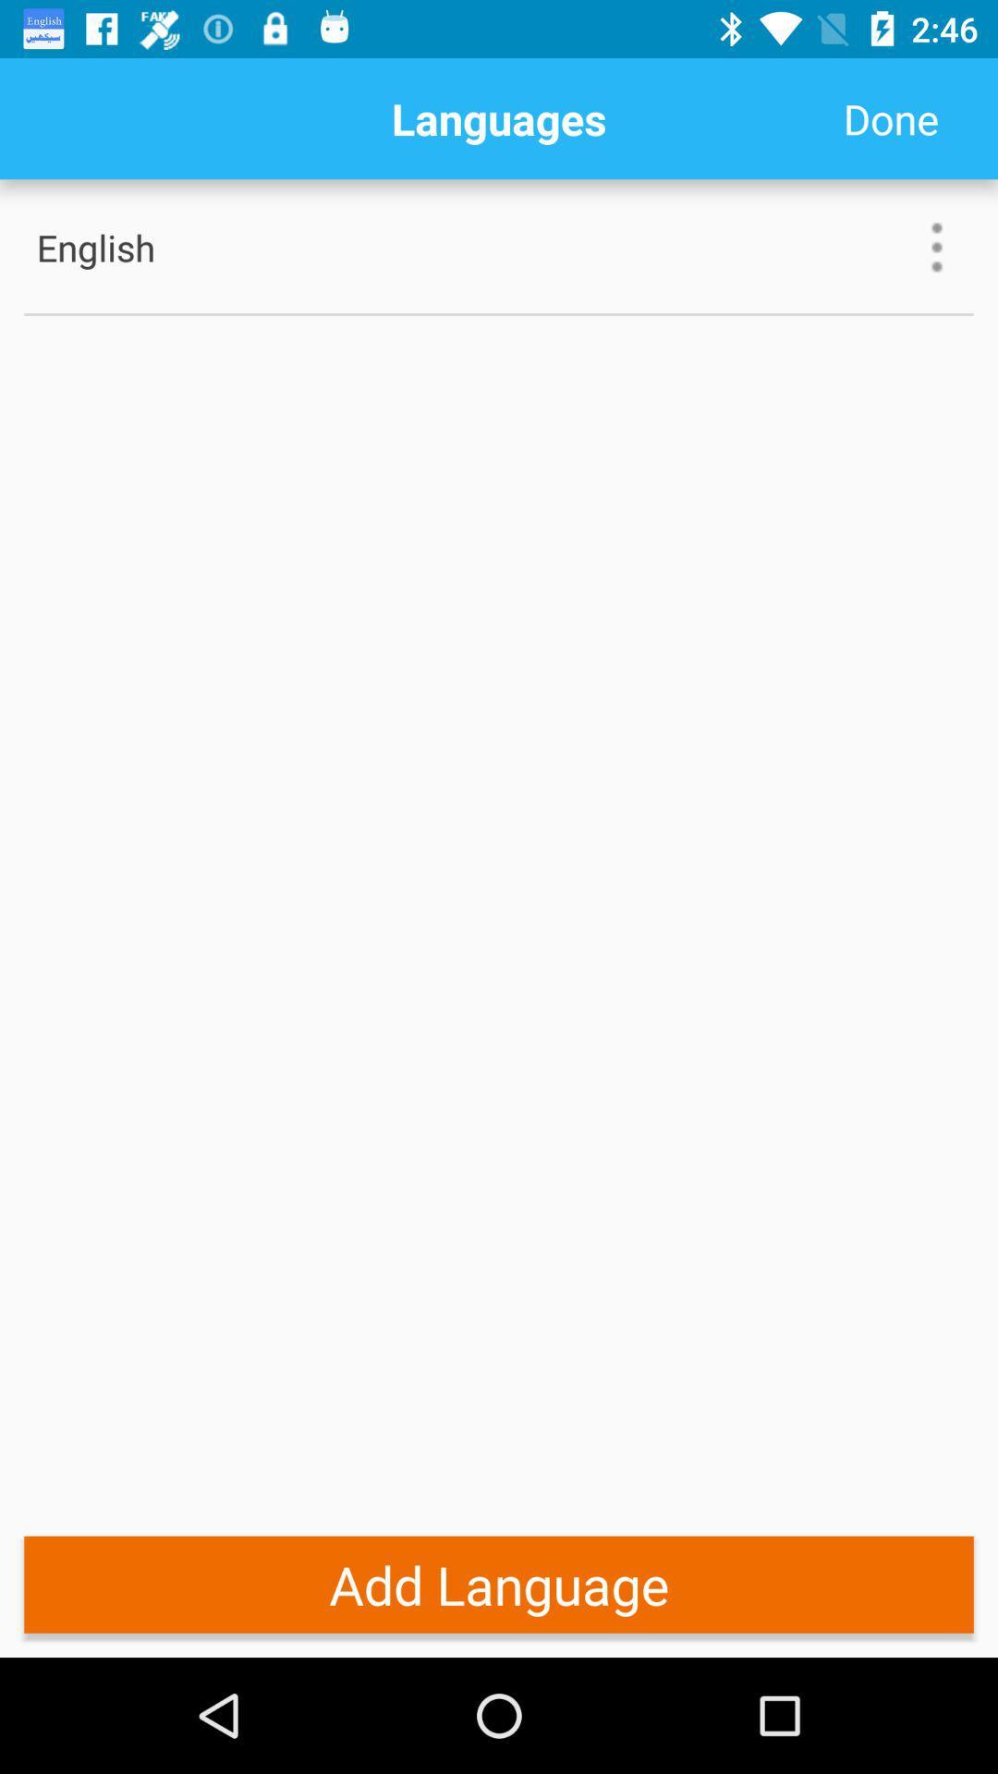  What do you see at coordinates (937, 246) in the screenshot?
I see `the icon next to english` at bounding box center [937, 246].